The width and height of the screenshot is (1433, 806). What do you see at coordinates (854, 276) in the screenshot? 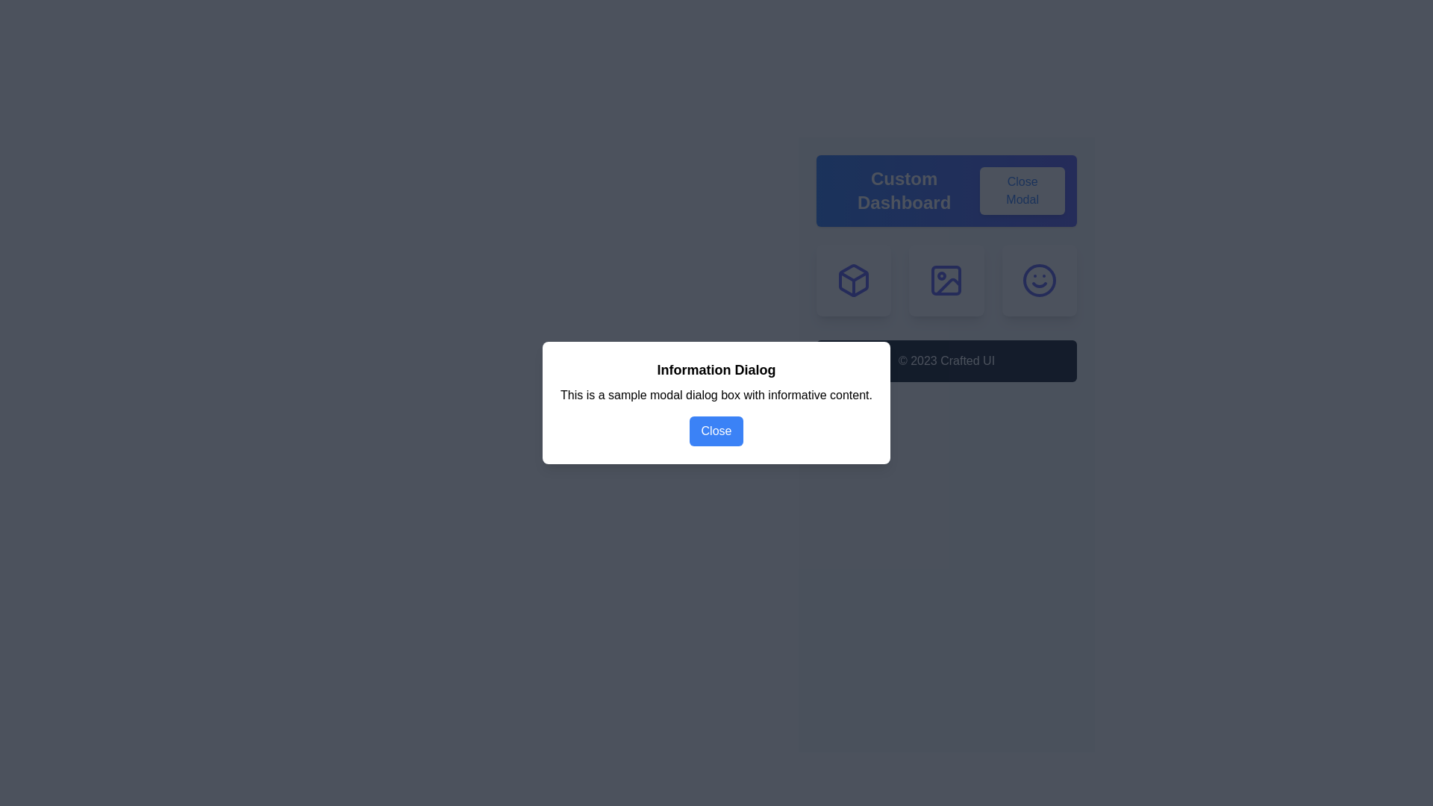
I see `the middle chevron-shaped feature within the purple three-dimensional box icon located in the upper section of the interface` at bounding box center [854, 276].